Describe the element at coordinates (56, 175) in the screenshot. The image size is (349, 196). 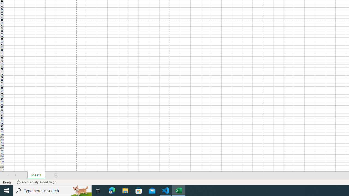
I see `'Add Sheet'` at that location.